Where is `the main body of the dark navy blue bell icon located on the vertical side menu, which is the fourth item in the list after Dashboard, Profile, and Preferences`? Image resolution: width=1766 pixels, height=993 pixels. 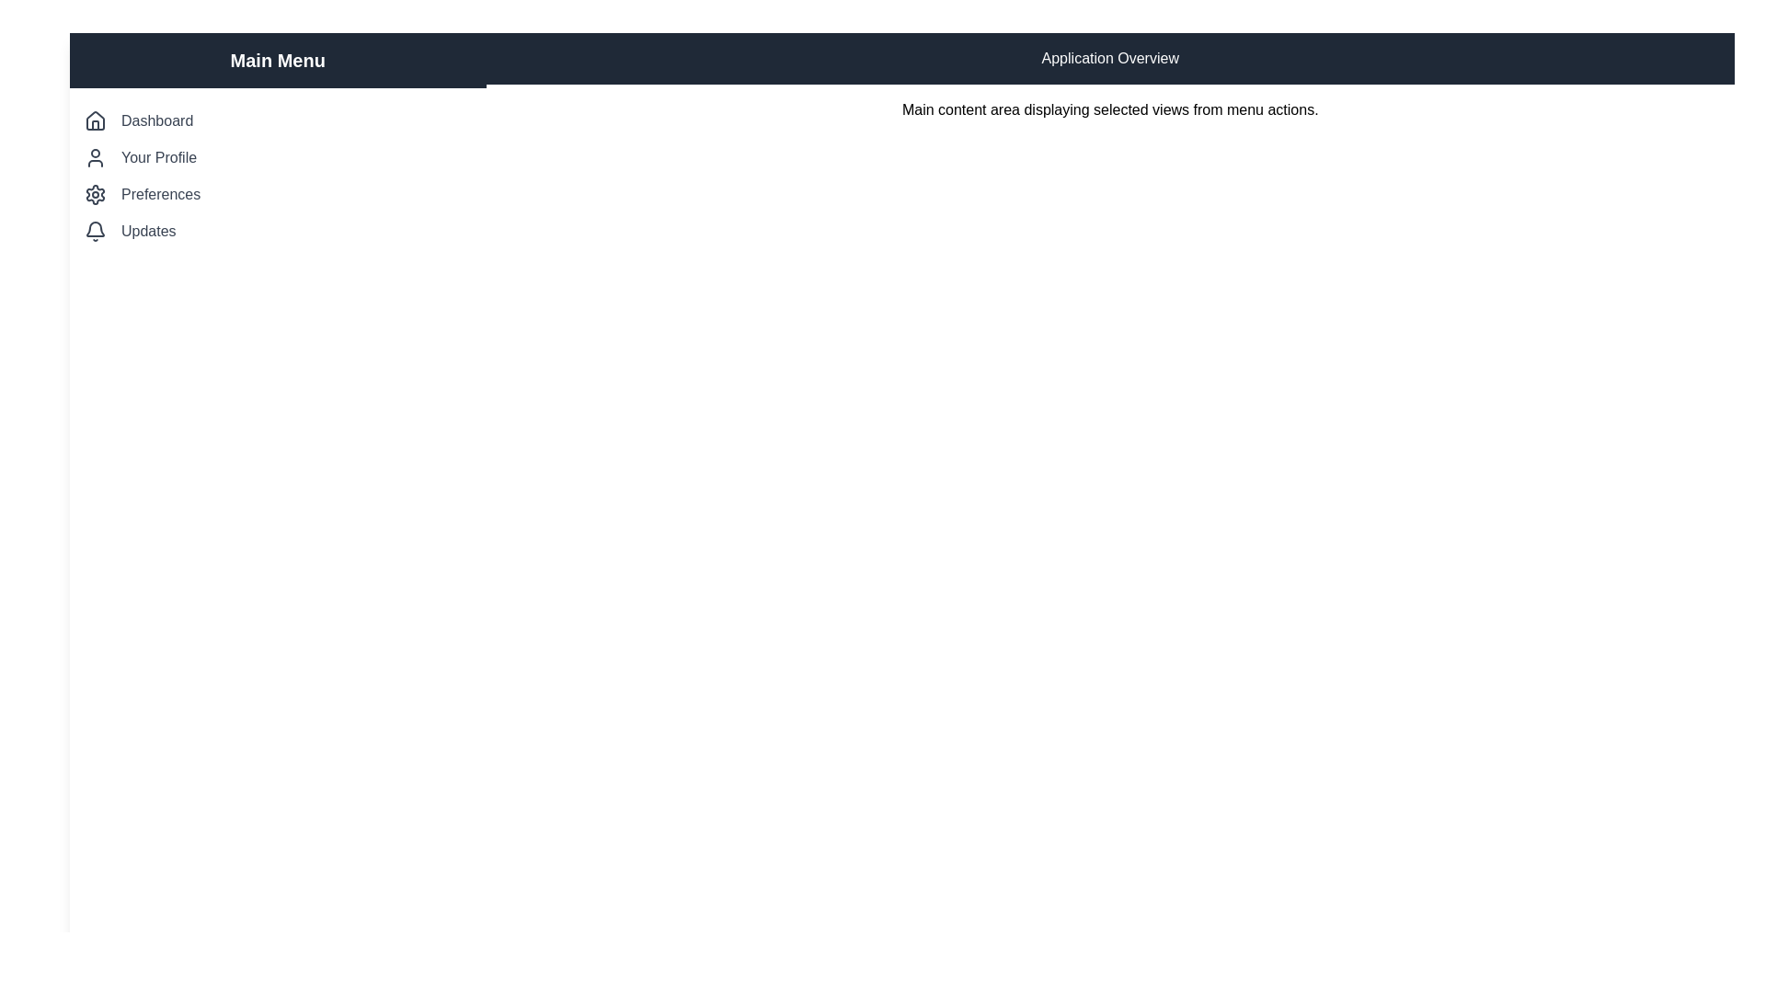
the main body of the dark navy blue bell icon located on the vertical side menu, which is the fourth item in the list after Dashboard, Profile, and Preferences is located at coordinates (95, 228).